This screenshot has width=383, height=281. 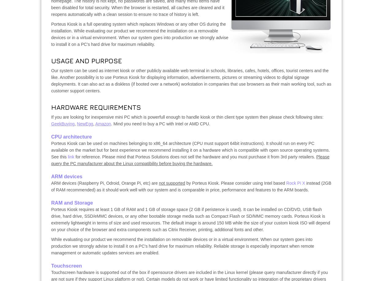 What do you see at coordinates (77, 124) in the screenshot?
I see `'NewEgg'` at bounding box center [77, 124].